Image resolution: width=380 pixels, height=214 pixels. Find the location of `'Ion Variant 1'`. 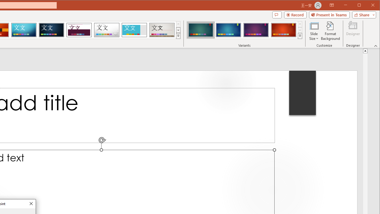

'Ion Variant 1' is located at coordinates (201, 30).